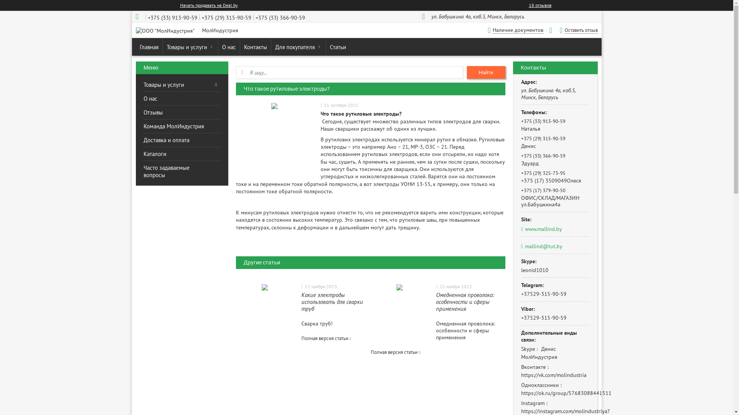 The image size is (739, 415). What do you see at coordinates (553, 374) in the screenshot?
I see `'https://vk.com/molindustria'` at bounding box center [553, 374].